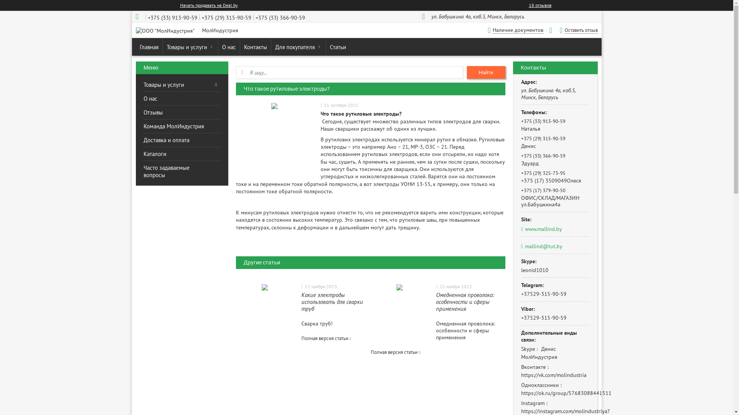 The image size is (739, 415). What do you see at coordinates (553, 374) in the screenshot?
I see `'https://vk.com/molindustria'` at bounding box center [553, 374].